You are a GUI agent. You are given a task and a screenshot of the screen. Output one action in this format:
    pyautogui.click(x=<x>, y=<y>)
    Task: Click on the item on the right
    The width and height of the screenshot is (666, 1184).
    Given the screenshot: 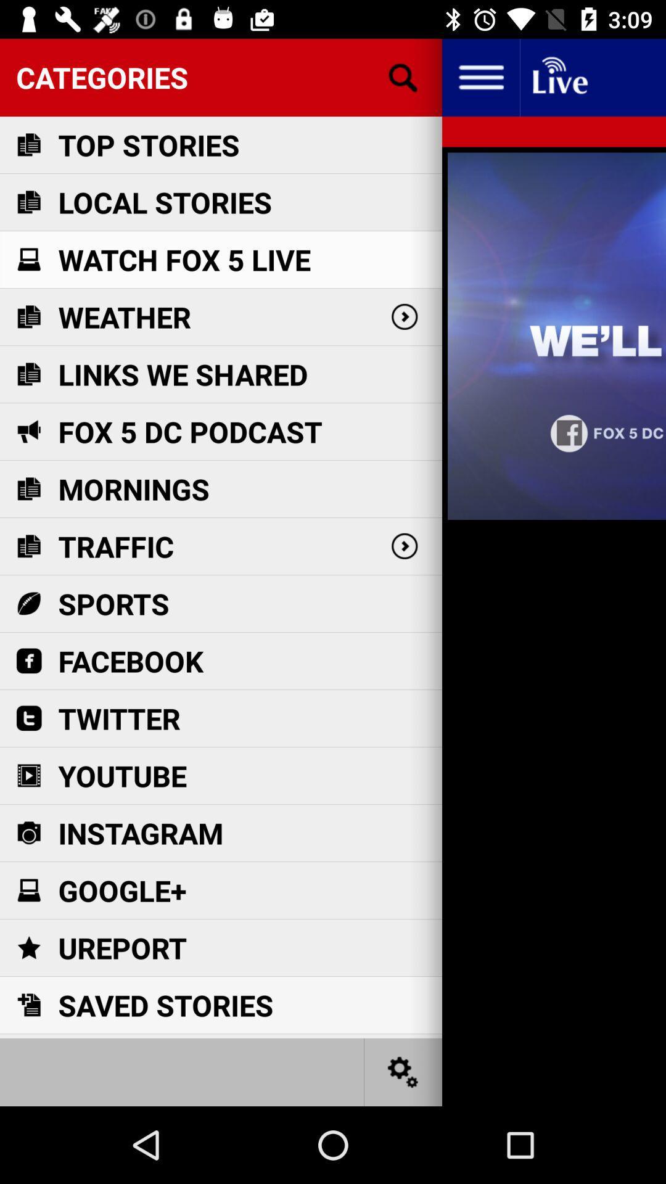 What is the action you would take?
    pyautogui.click(x=553, y=627)
    